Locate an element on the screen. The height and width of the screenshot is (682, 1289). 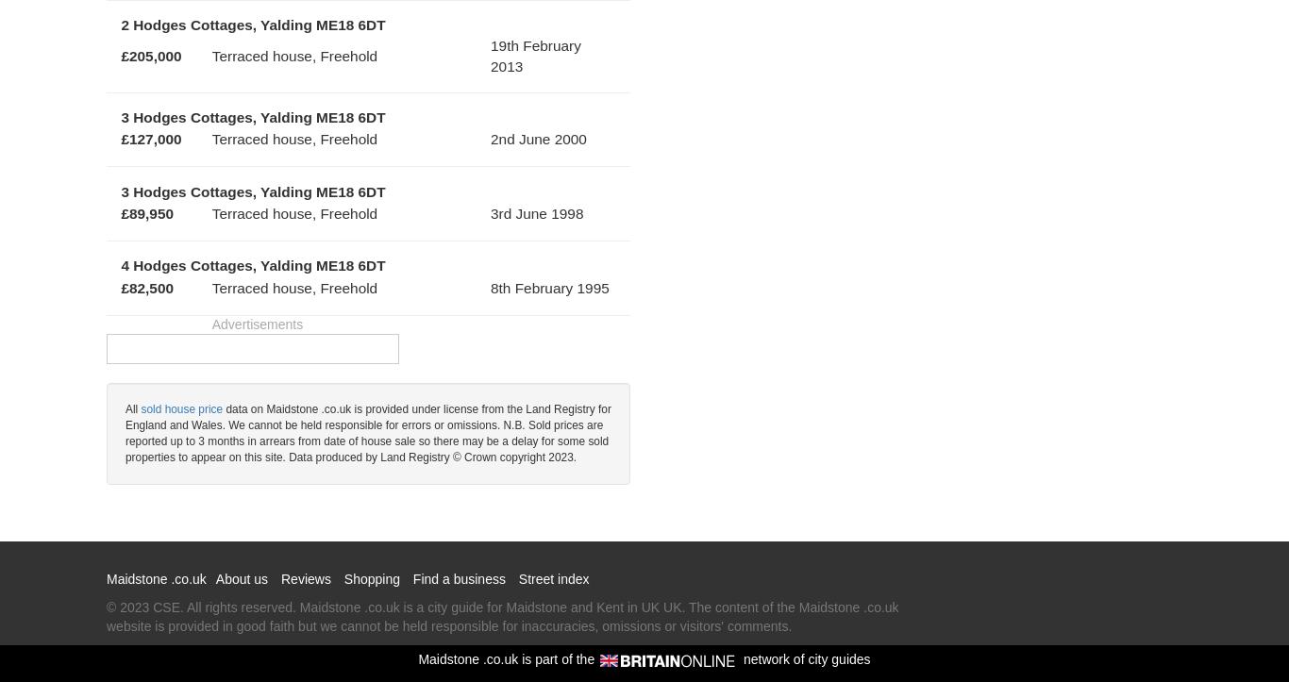
'£127,000' is located at coordinates (149, 139).